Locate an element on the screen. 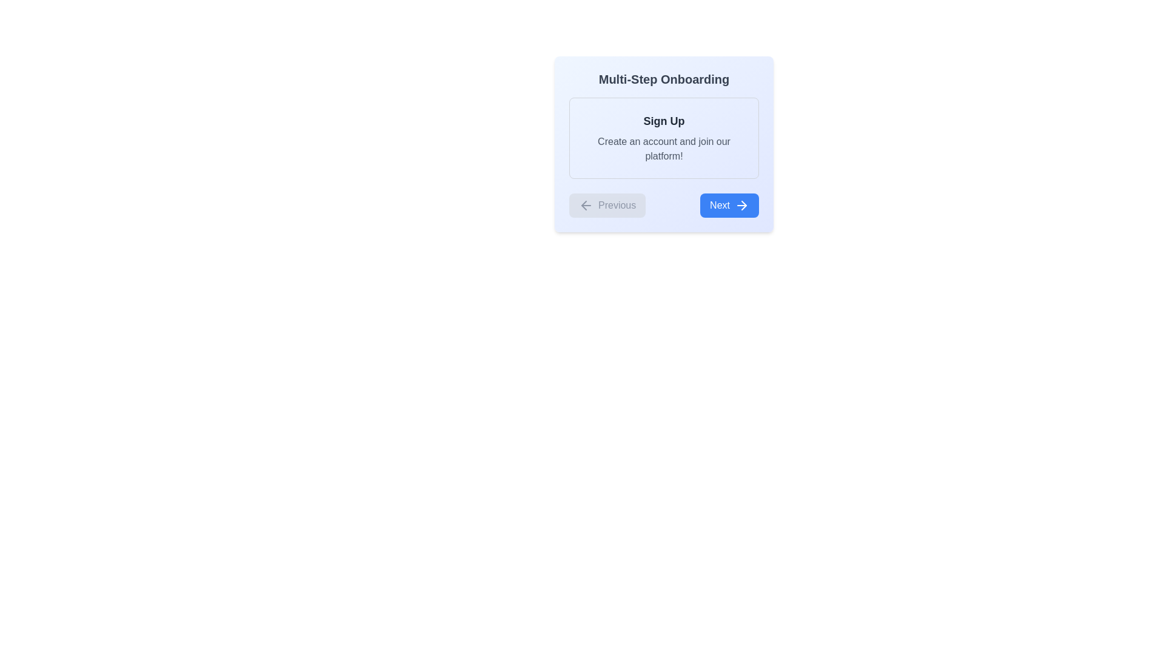 This screenshot has height=655, width=1164. the graphical arrow icon that serves as a visual indicator for the 'Next' button is located at coordinates (743, 205).